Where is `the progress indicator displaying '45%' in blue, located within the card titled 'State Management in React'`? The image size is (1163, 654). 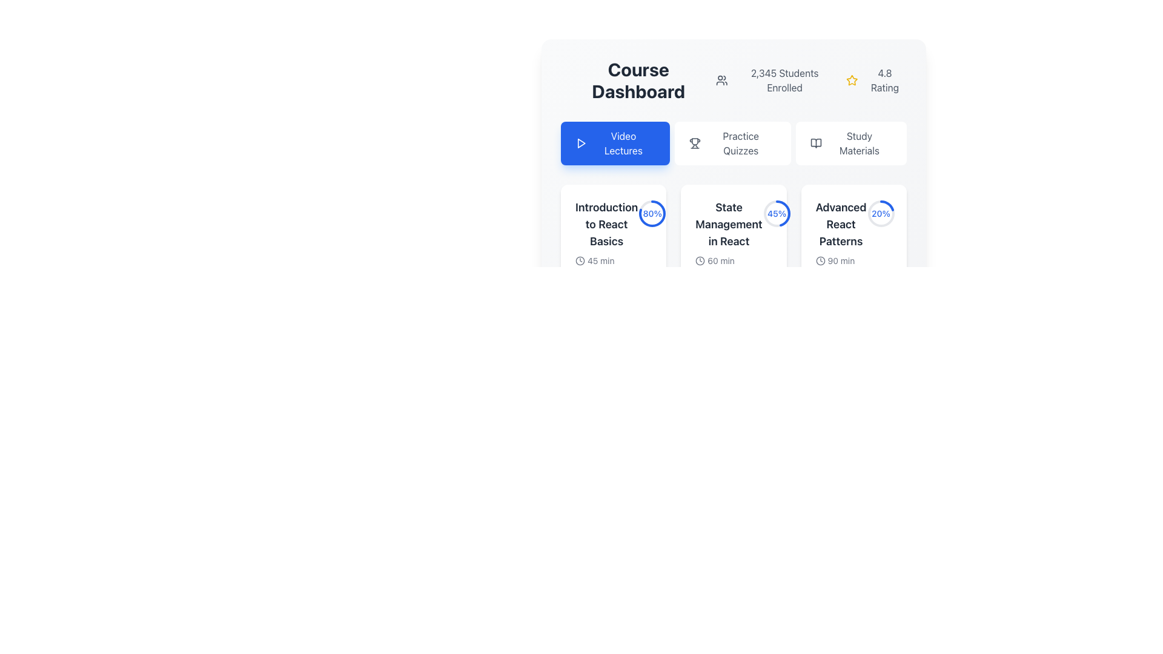 the progress indicator displaying '45%' in blue, located within the card titled 'State Management in React' is located at coordinates (777, 213).